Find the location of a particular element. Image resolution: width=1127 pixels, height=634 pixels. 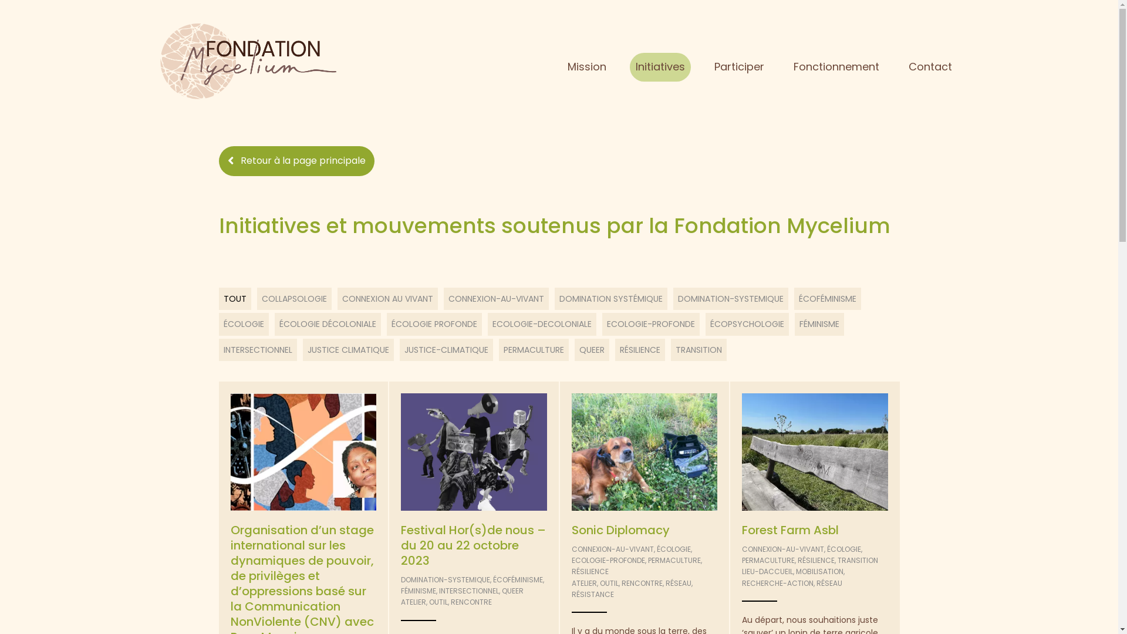

'DOMINATION-SYSTEMIQUE' is located at coordinates (444, 579).